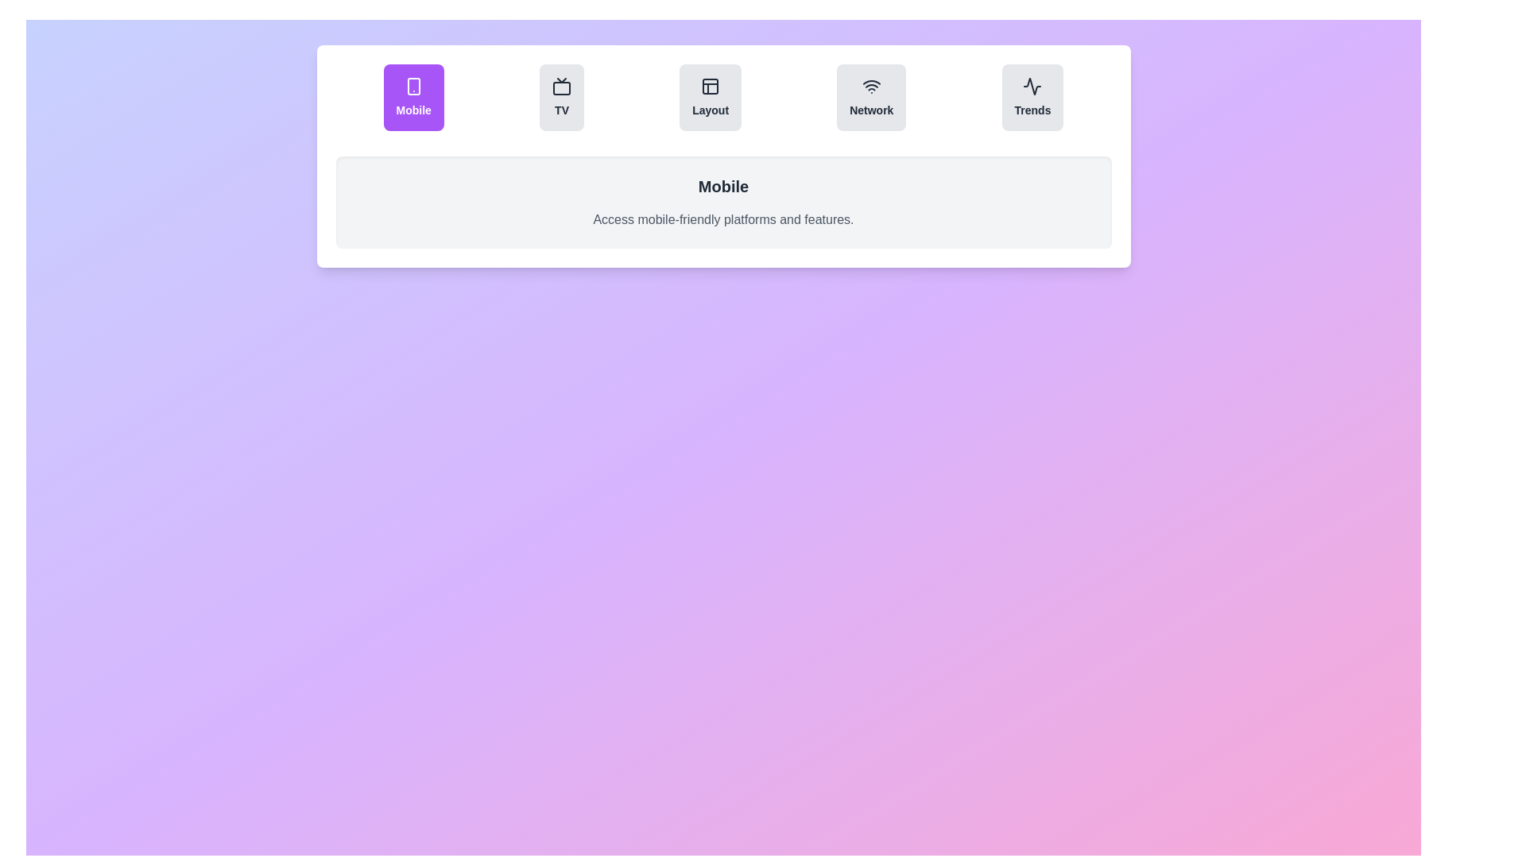 This screenshot has height=858, width=1526. What do you see at coordinates (870, 98) in the screenshot?
I see `the 'Network' clickable card tile, which features a Wi-Fi icon and is the fourth tile in the row, to scale it slightly` at bounding box center [870, 98].